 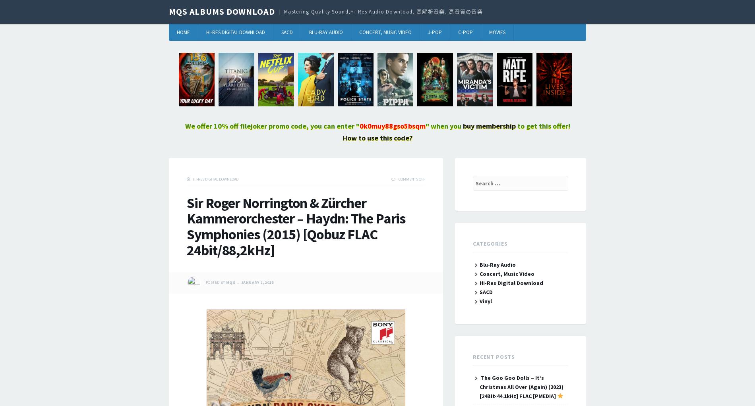 What do you see at coordinates (472, 357) in the screenshot?
I see `'Recent Posts'` at bounding box center [472, 357].